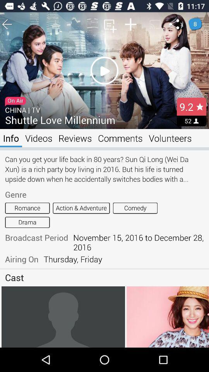 Image resolution: width=209 pixels, height=372 pixels. Describe the element at coordinates (135, 208) in the screenshot. I see `icon next to the action & adventure item` at that location.